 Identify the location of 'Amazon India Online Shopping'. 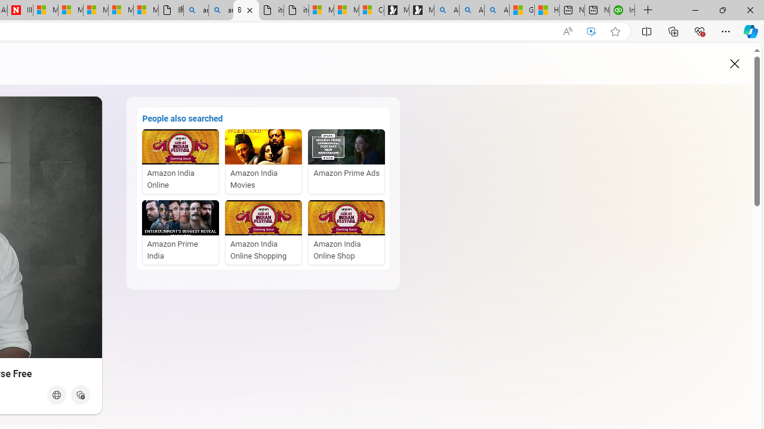
(263, 232).